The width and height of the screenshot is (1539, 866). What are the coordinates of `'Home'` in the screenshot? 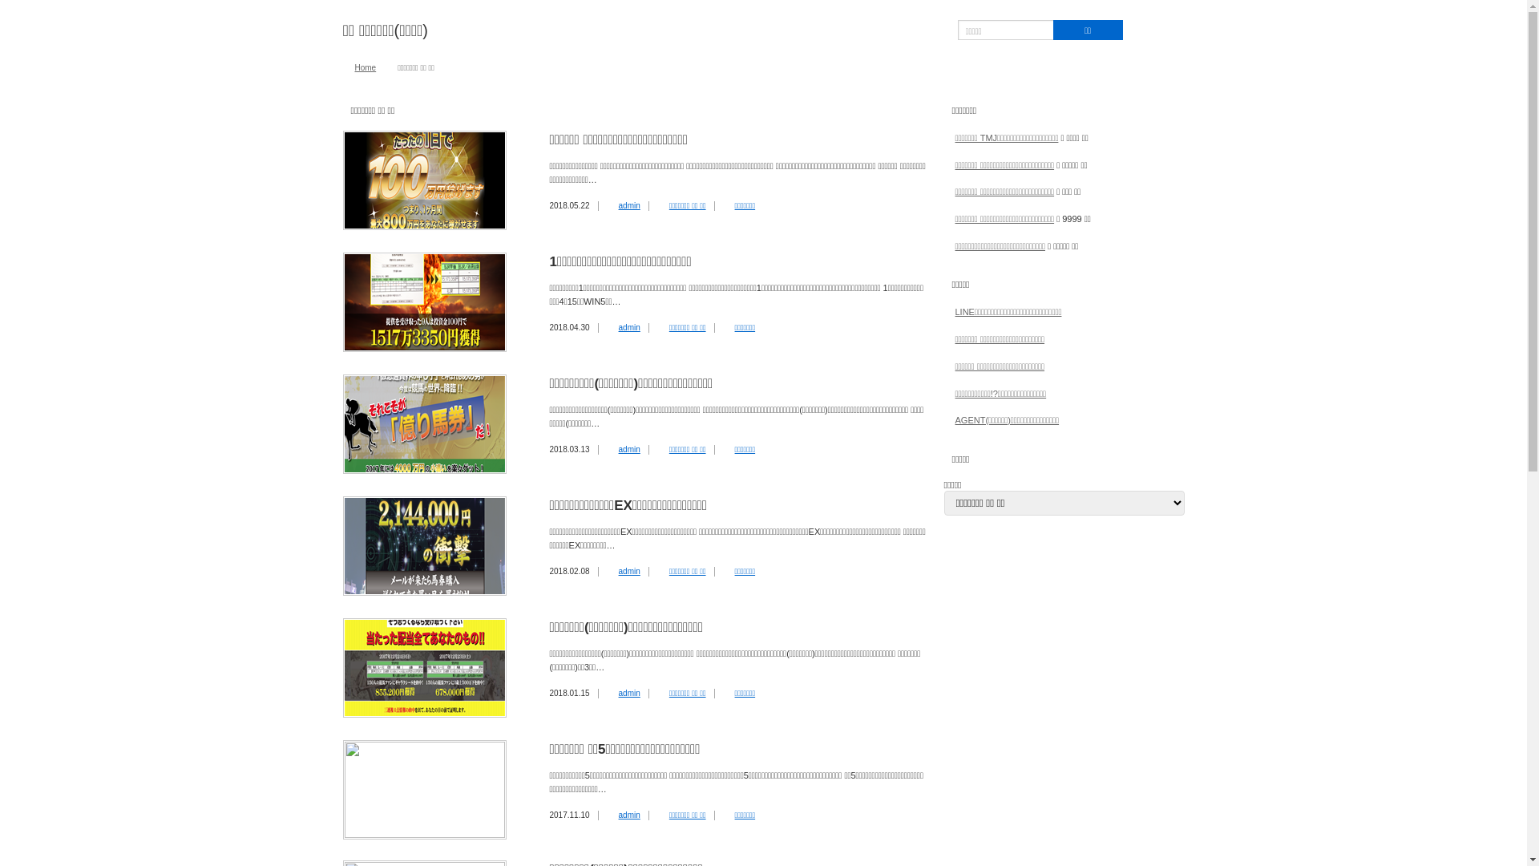 It's located at (364, 67).